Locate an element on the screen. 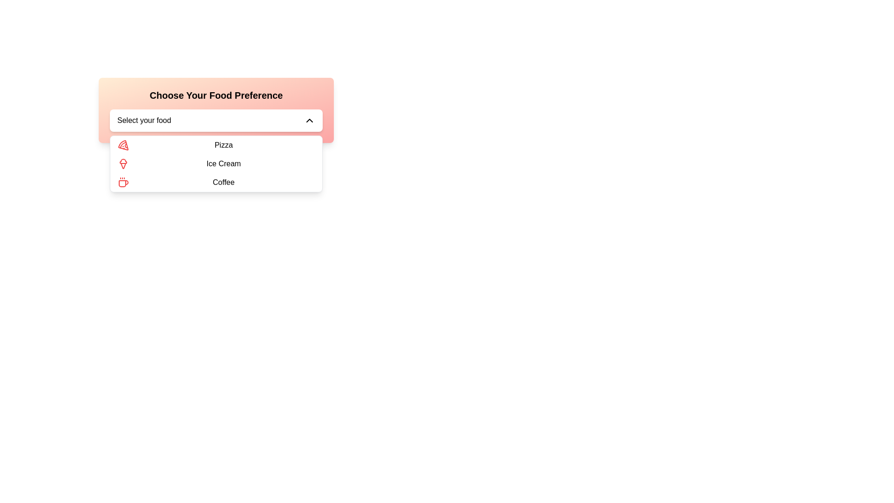 This screenshot has width=894, height=503. the 'Ice Cream' option in the dropdown menu located beneath the 'Select your food' button is located at coordinates (216, 163).